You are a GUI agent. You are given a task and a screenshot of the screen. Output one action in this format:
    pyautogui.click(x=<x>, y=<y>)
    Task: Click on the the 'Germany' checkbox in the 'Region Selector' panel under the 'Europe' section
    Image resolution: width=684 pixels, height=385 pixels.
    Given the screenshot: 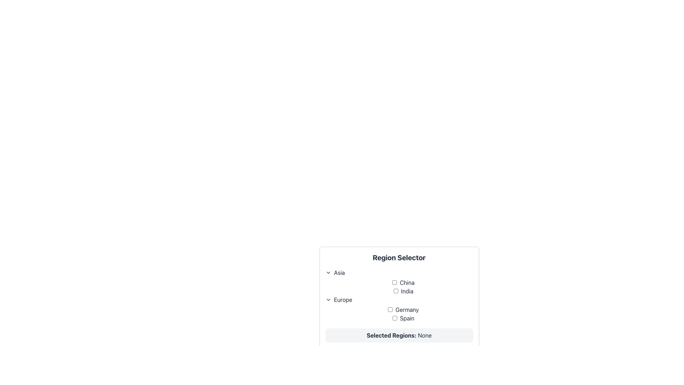 What is the action you would take?
    pyautogui.click(x=390, y=309)
    